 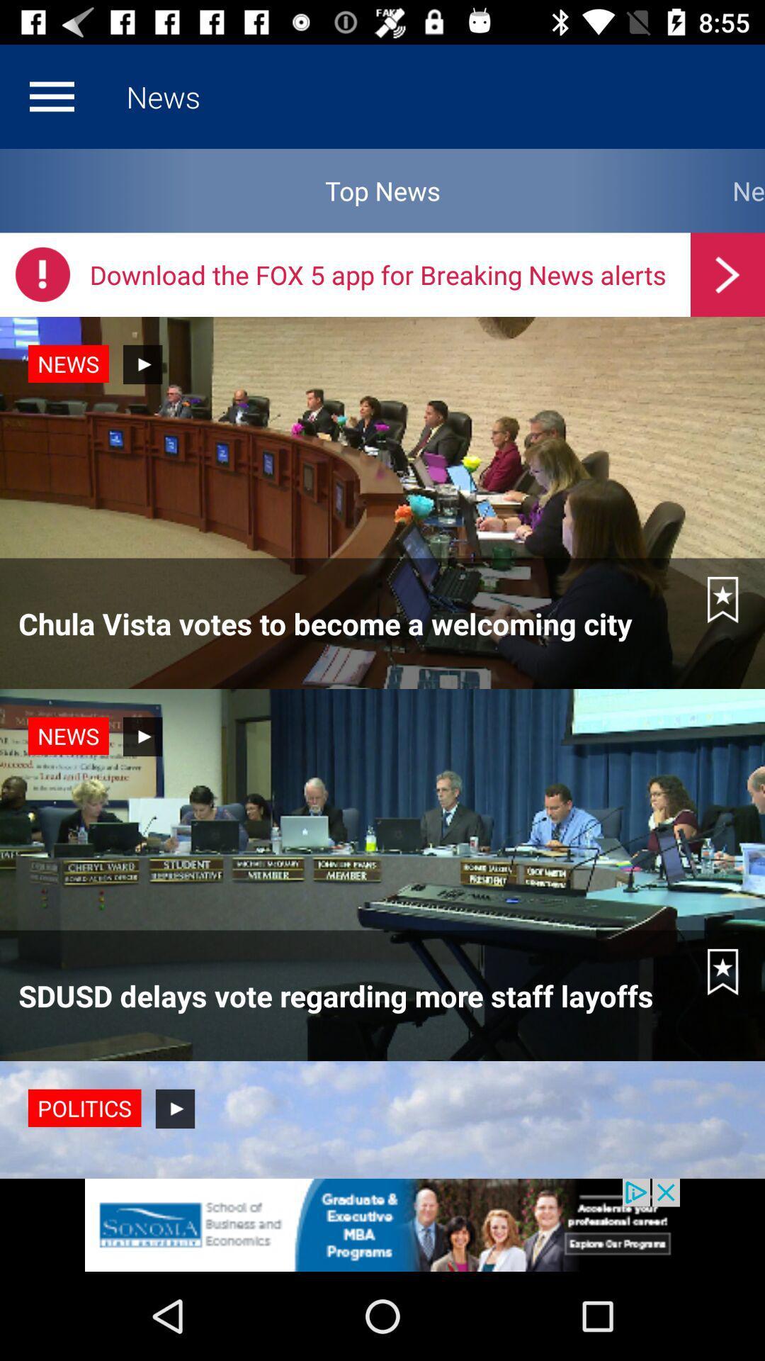 I want to click on top most left corner, so click(x=51, y=96).